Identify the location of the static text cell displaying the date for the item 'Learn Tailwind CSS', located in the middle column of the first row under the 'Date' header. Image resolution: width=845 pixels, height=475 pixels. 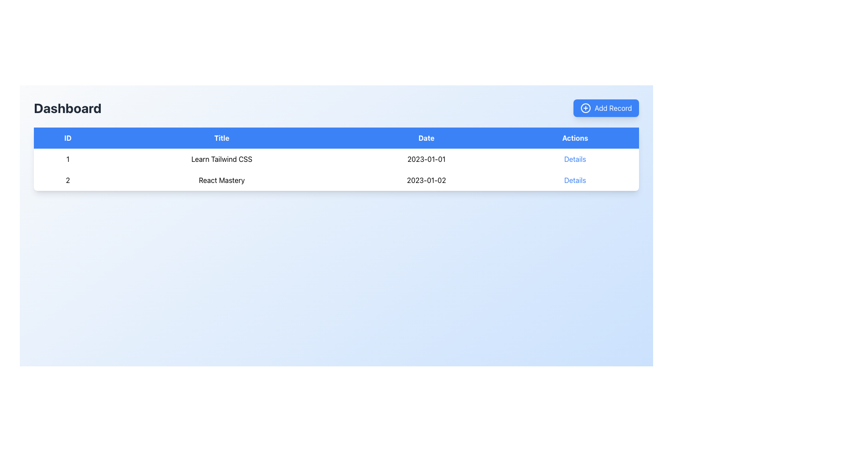
(426, 159).